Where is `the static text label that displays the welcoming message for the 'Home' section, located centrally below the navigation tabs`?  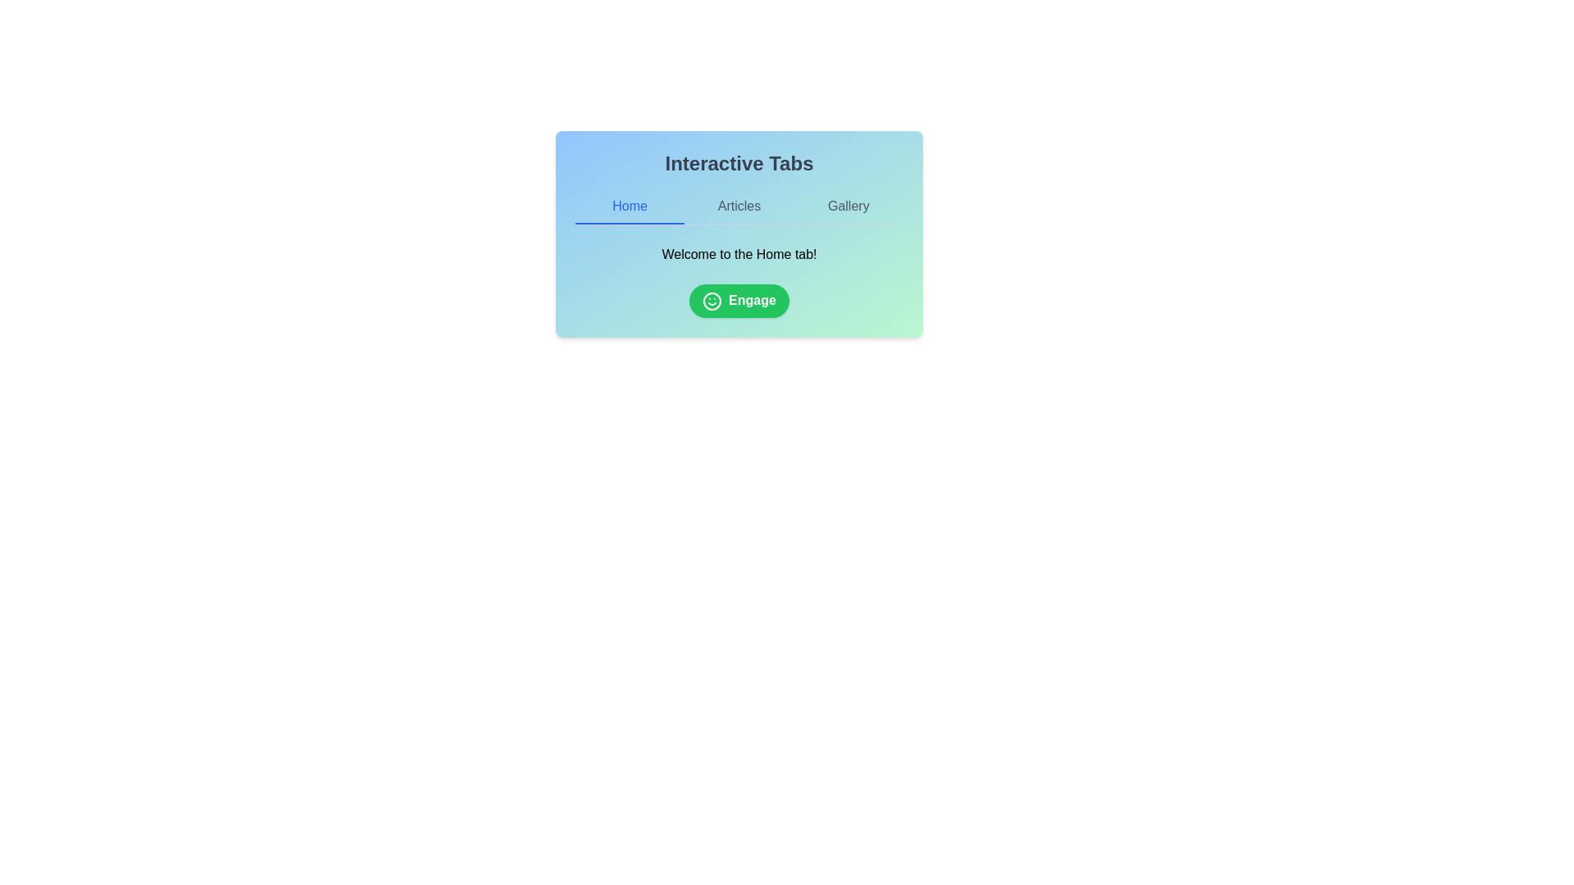
the static text label that displays the welcoming message for the 'Home' section, located centrally below the navigation tabs is located at coordinates (739, 255).